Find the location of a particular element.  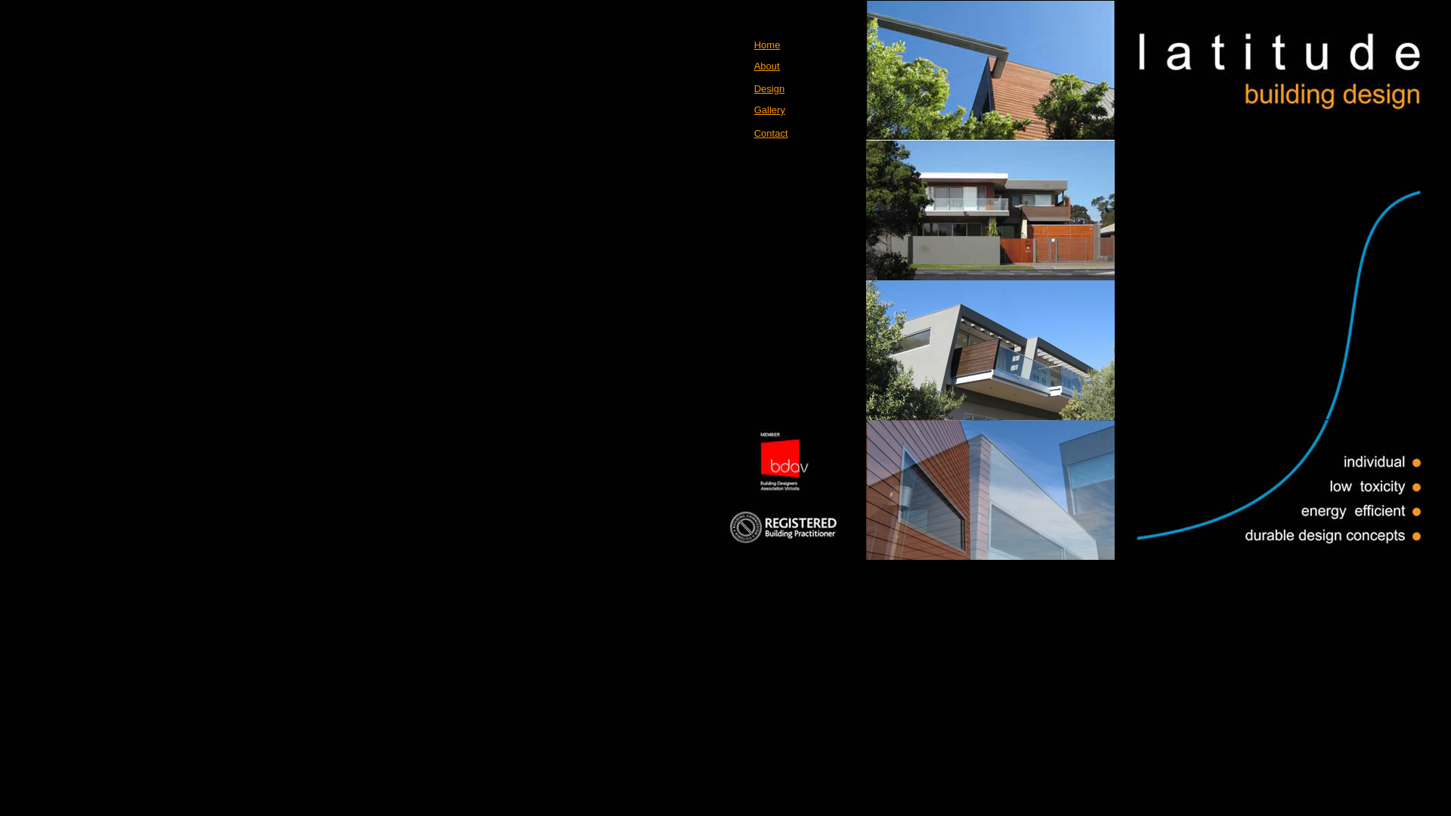

'Gallery' is located at coordinates (769, 109).